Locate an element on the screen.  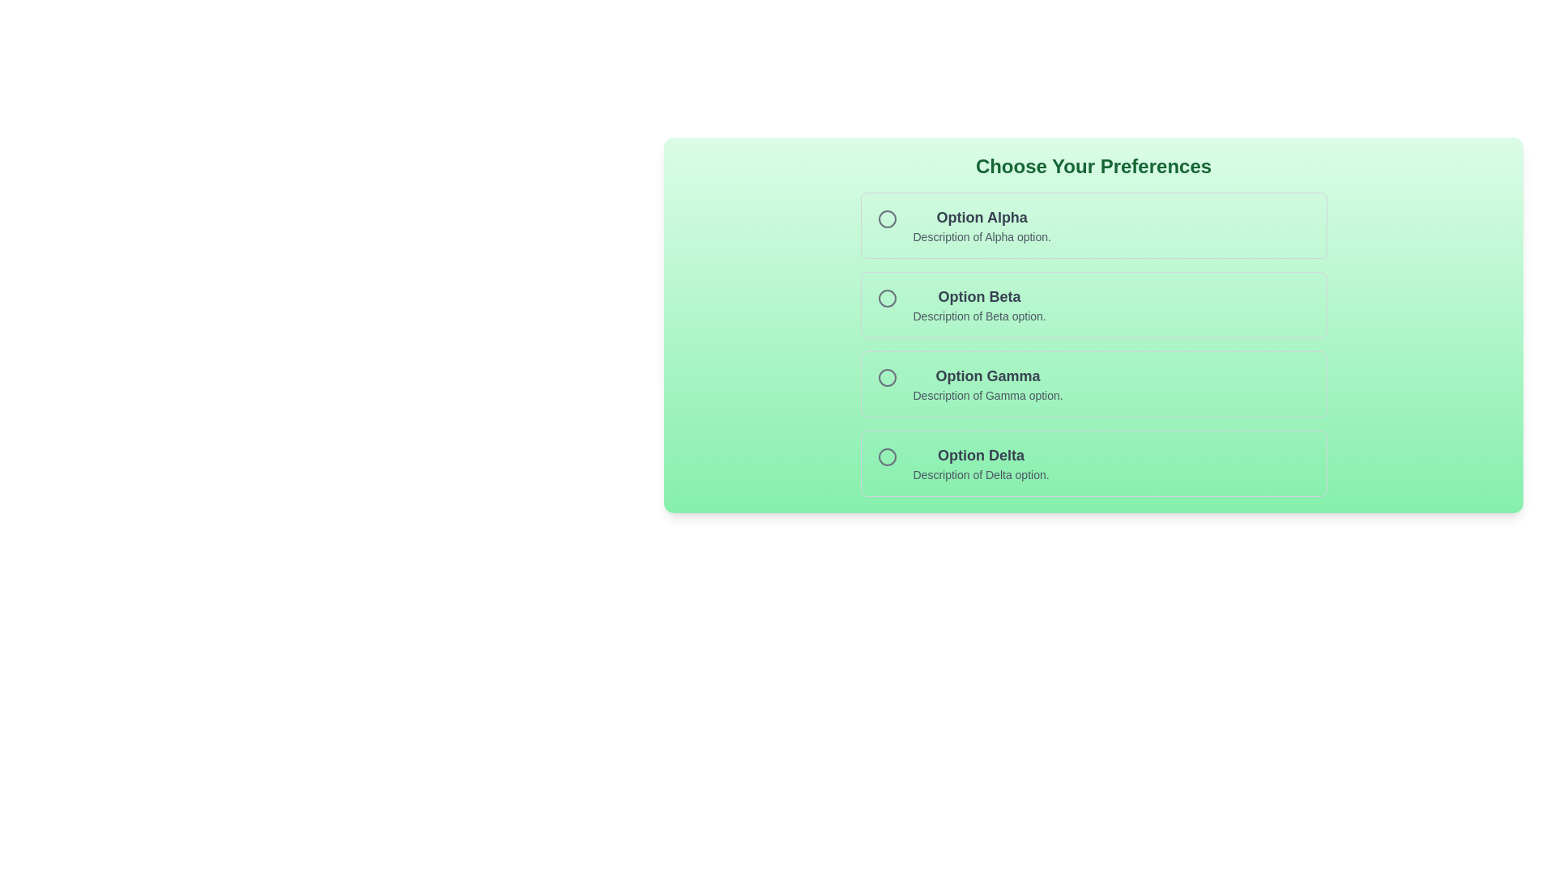
the text label reading 'Description of Gamma option.', which is styled in a smaller gray font and located directly beneath the bold title 'Option Gamma' is located at coordinates (987, 396).